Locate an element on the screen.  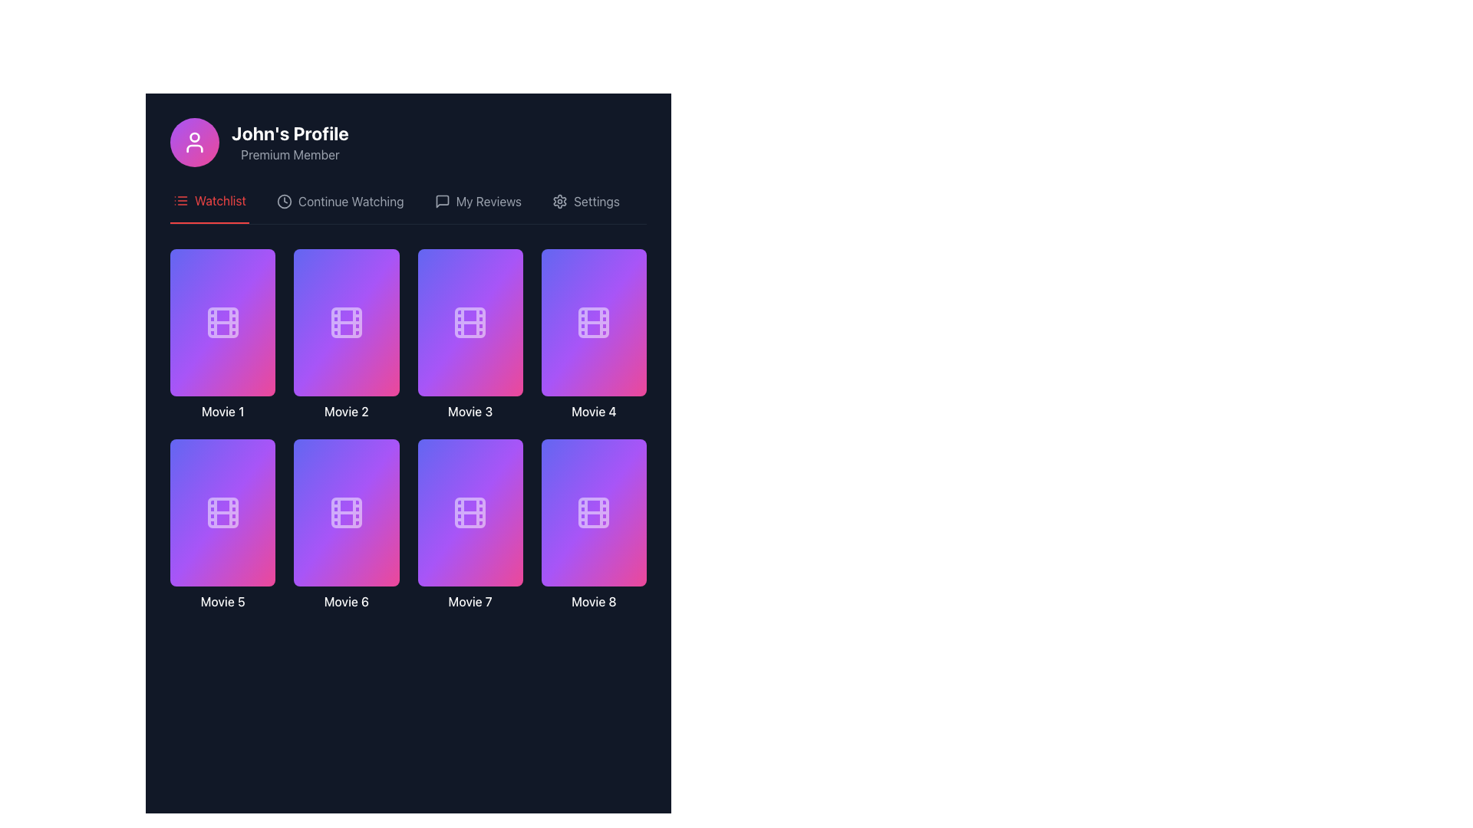
the group of interactive buttons in the footer section of the card for 'Movie 5' is located at coordinates (222, 549).